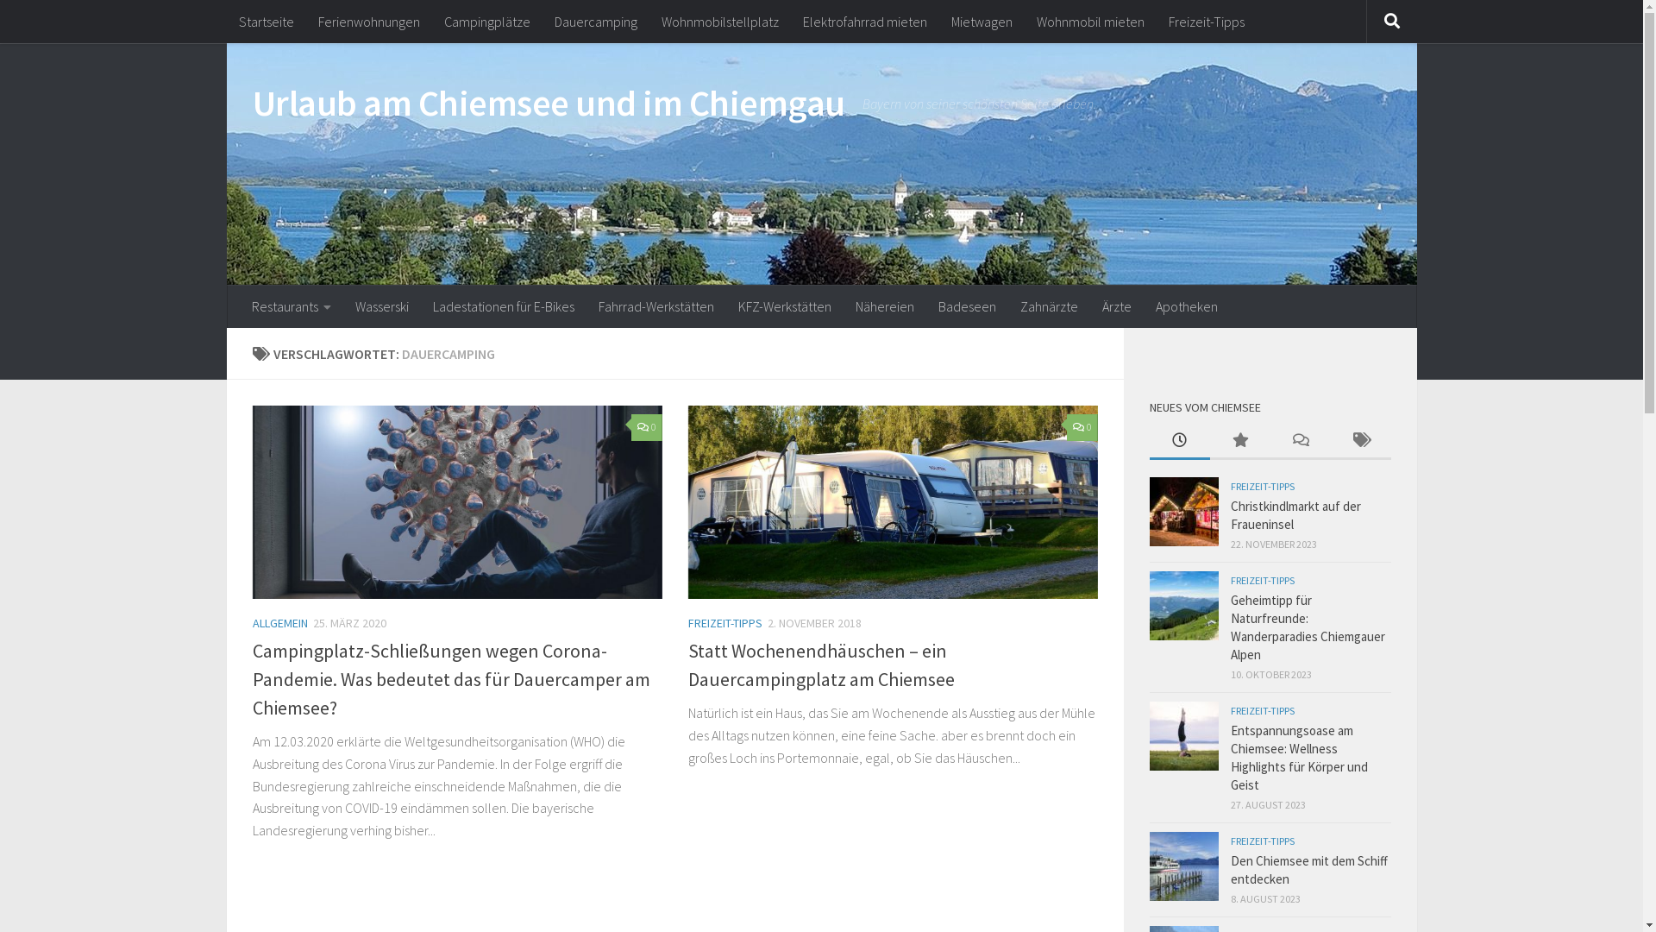 This screenshot has height=932, width=1656. Describe the element at coordinates (967, 305) in the screenshot. I see `'Badeseen'` at that location.